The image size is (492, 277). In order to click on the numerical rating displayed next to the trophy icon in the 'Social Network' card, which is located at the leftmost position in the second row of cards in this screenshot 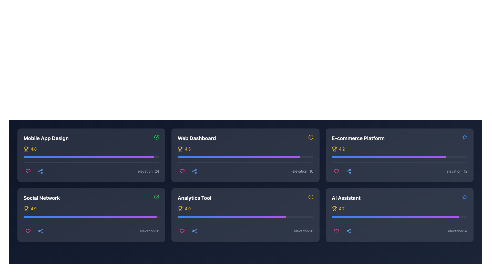, I will do `click(33, 209)`.